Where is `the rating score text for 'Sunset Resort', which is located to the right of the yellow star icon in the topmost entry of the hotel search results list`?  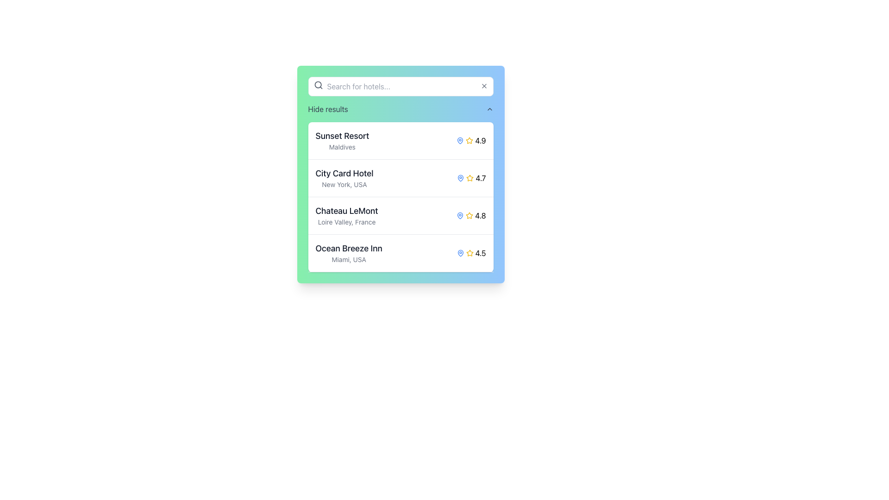
the rating score text for 'Sunset Resort', which is located to the right of the yellow star icon in the topmost entry of the hotel search results list is located at coordinates (480, 141).